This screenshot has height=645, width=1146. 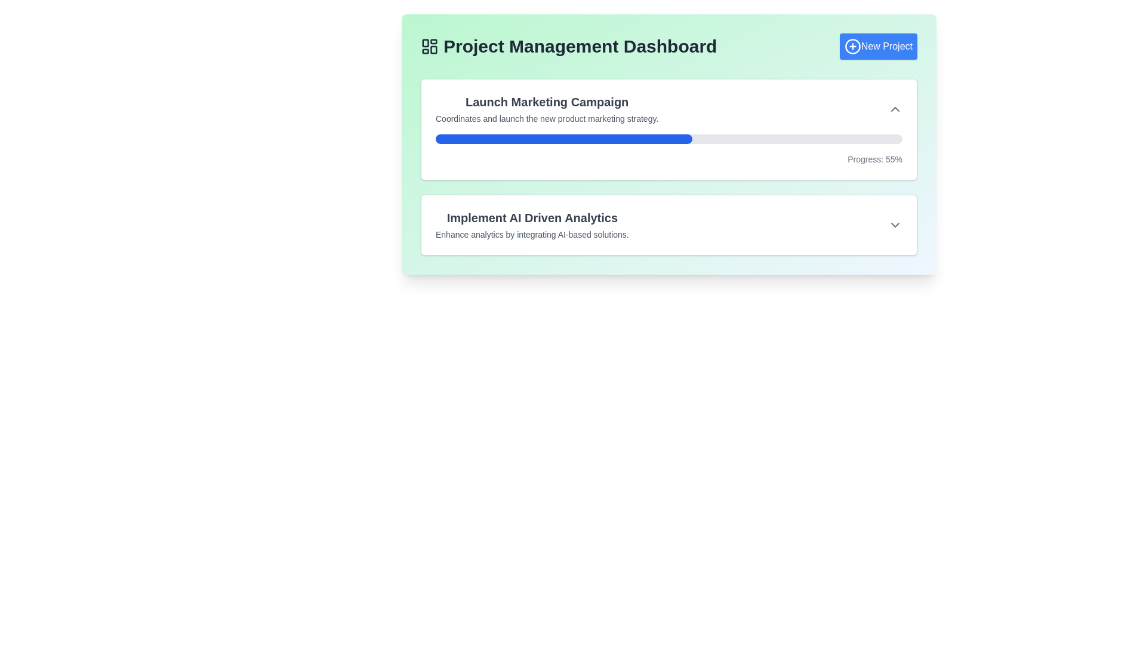 What do you see at coordinates (895, 109) in the screenshot?
I see `the gray chevron-up icon located in the upper-right area of the 'Launch Marketing Campaign' card` at bounding box center [895, 109].